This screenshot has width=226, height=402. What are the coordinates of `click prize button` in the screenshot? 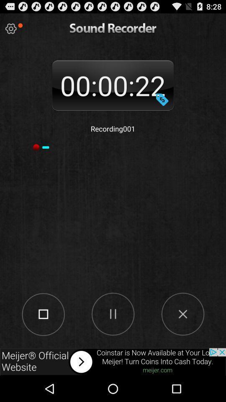 It's located at (162, 99).